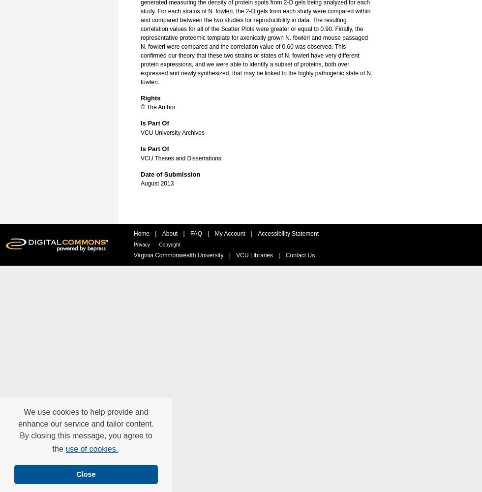 The image size is (482, 492). What do you see at coordinates (86, 430) in the screenshot?
I see `'We use cookies to help provide and enhance our service and tailor content. By closing this message, you agree to the'` at bounding box center [86, 430].